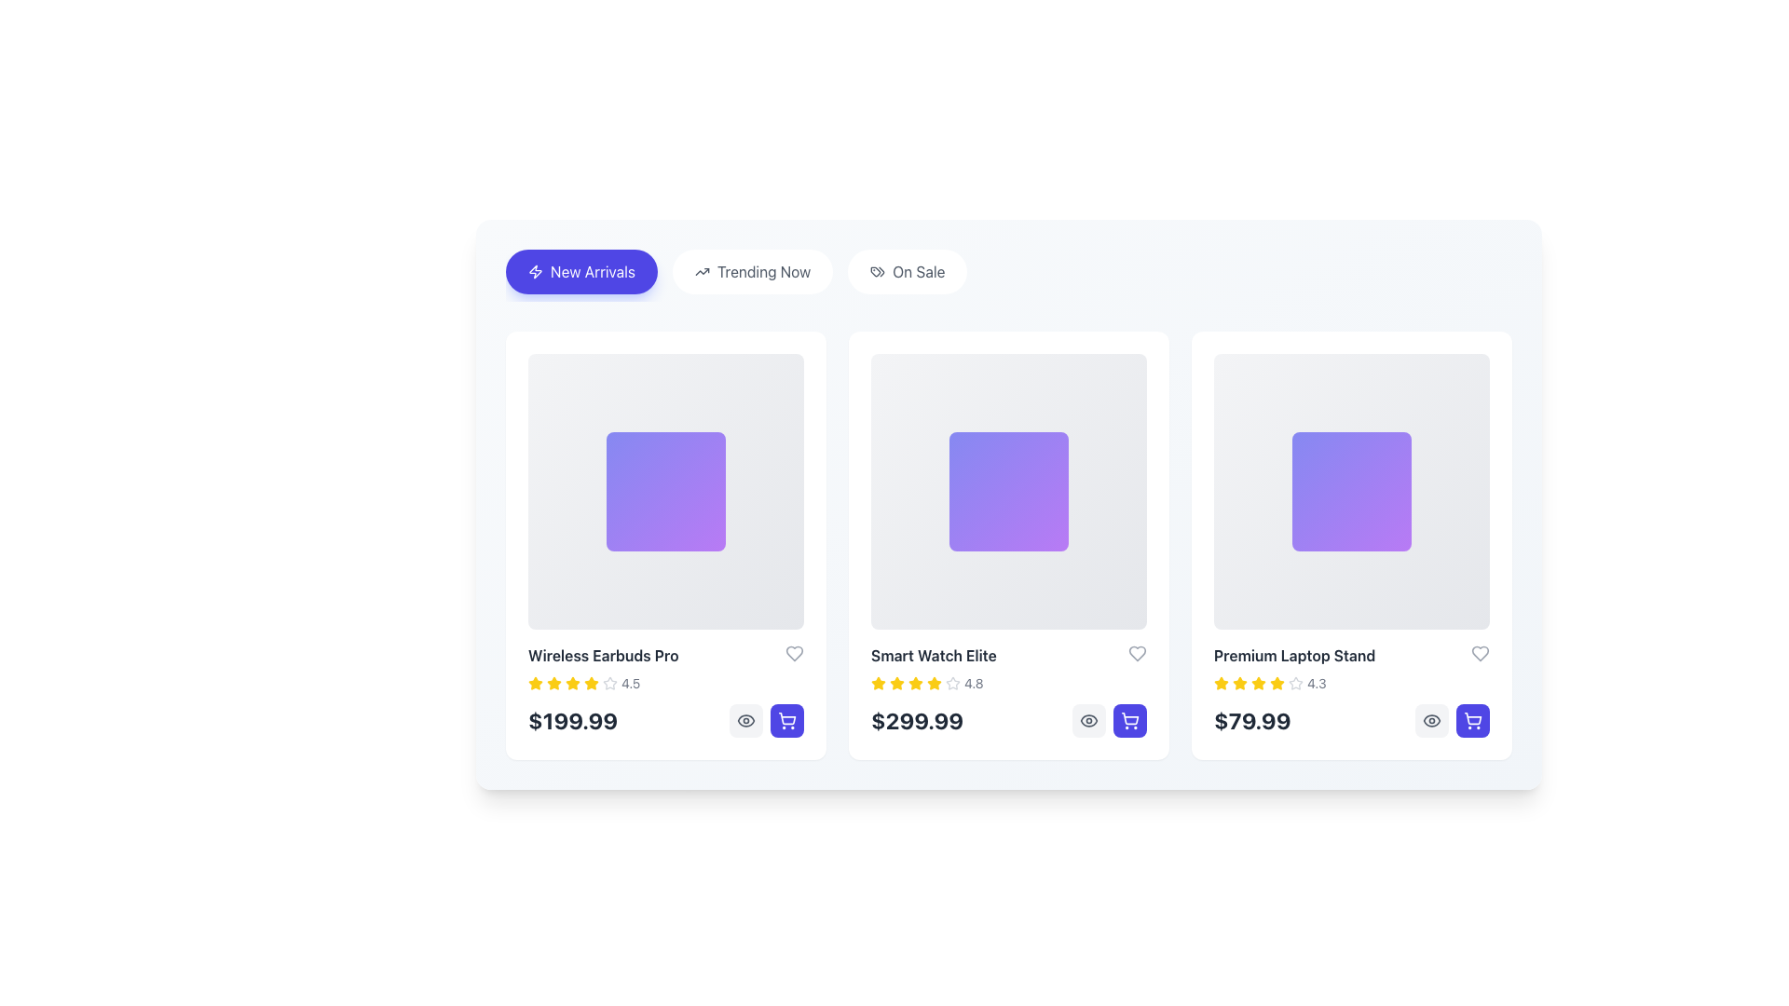 The image size is (1789, 1006). What do you see at coordinates (701, 272) in the screenshot?
I see `the small upward arrow icon located to the left of the 'Trending Now' text within a button-like component in the menu bar` at bounding box center [701, 272].